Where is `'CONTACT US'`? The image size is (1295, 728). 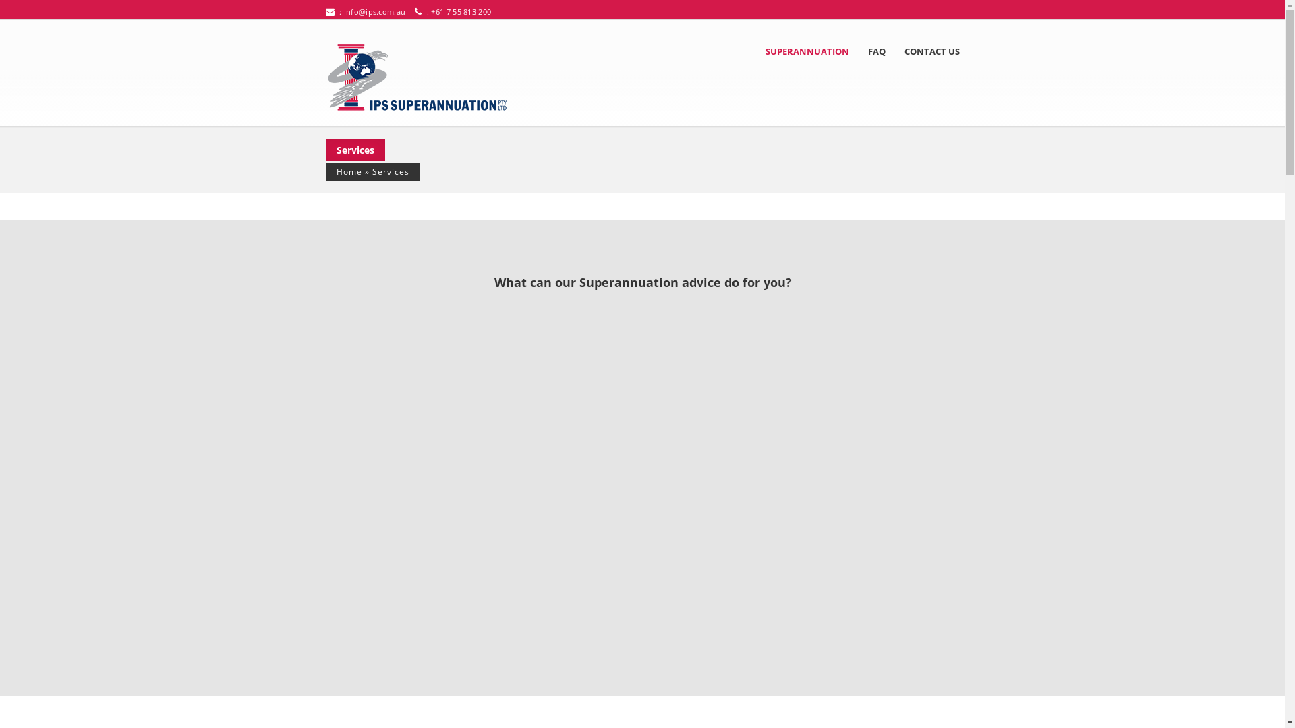
'CONTACT US' is located at coordinates (925, 51).